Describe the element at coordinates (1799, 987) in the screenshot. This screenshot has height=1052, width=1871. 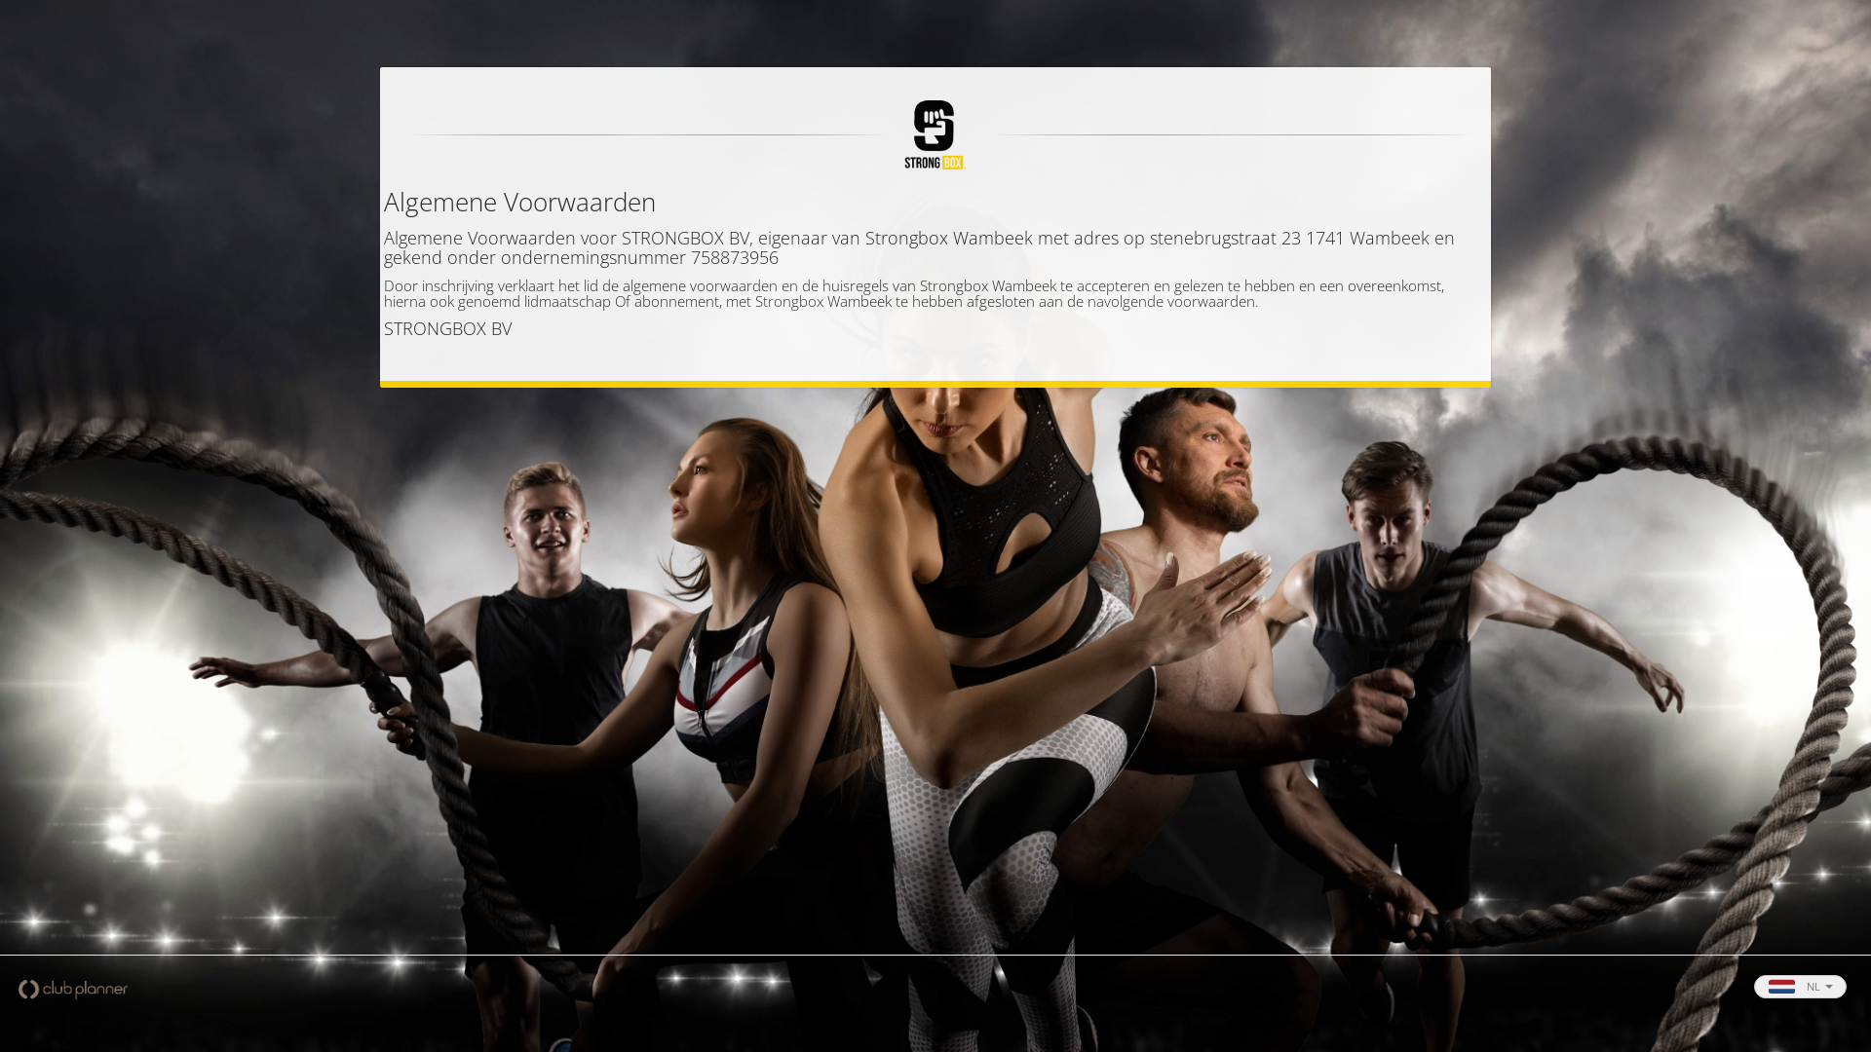
I see `'NL'` at that location.